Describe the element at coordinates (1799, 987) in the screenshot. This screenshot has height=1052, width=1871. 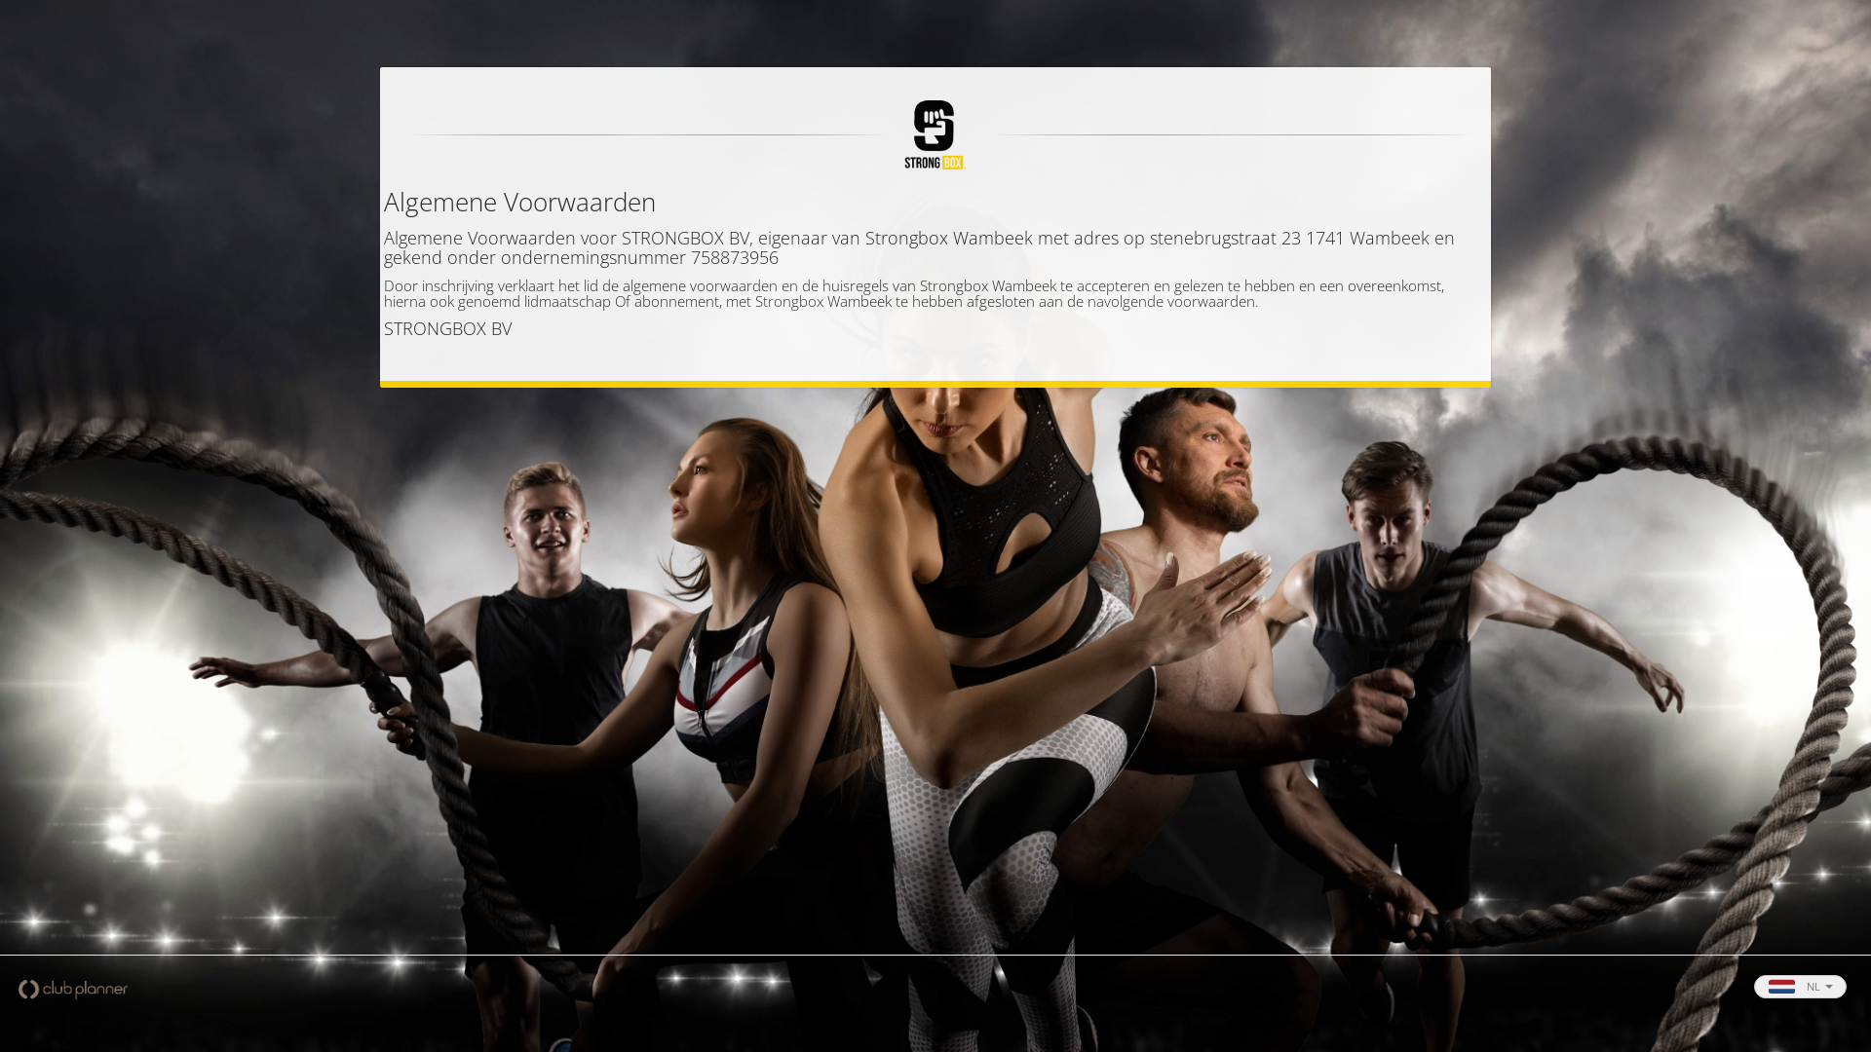
I see `'NL'` at that location.